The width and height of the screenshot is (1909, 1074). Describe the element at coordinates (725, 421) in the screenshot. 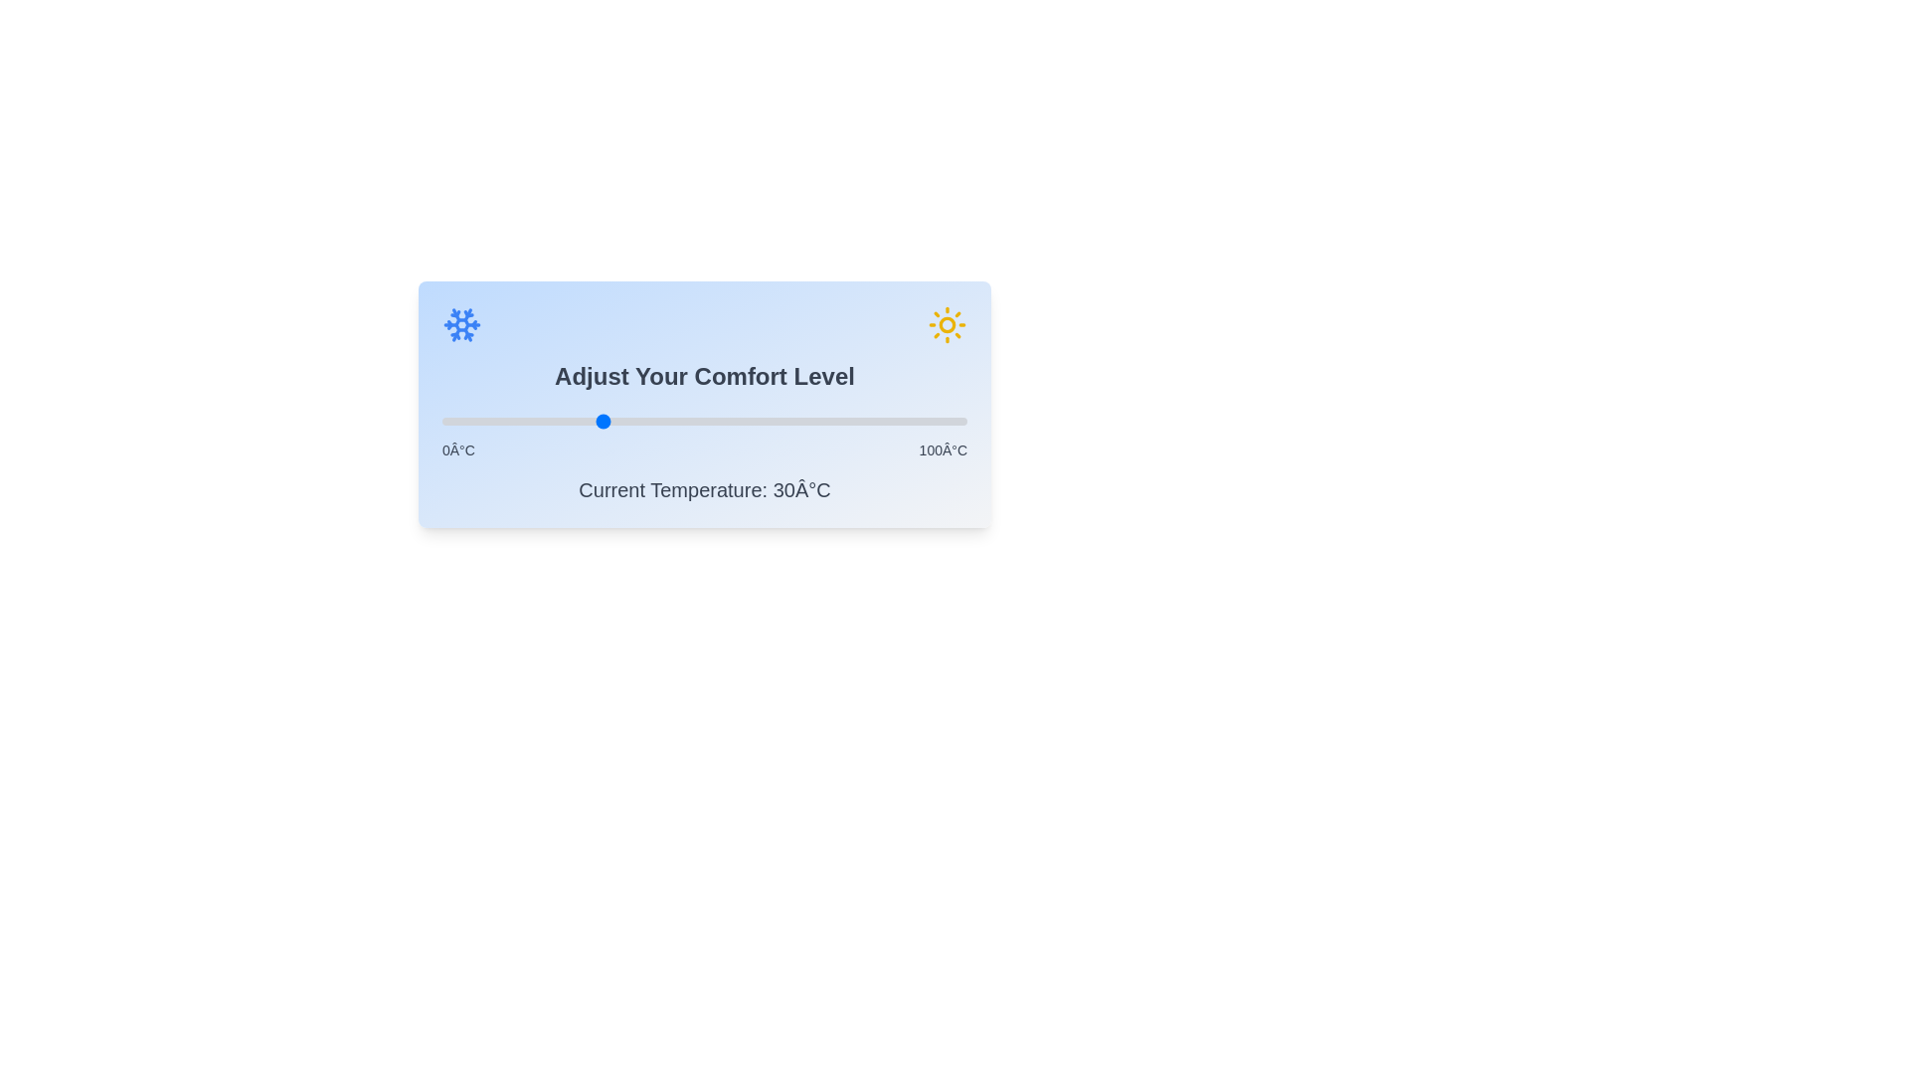

I see `the comfort level slider to set the temperature to 54 degrees Celsius` at that location.